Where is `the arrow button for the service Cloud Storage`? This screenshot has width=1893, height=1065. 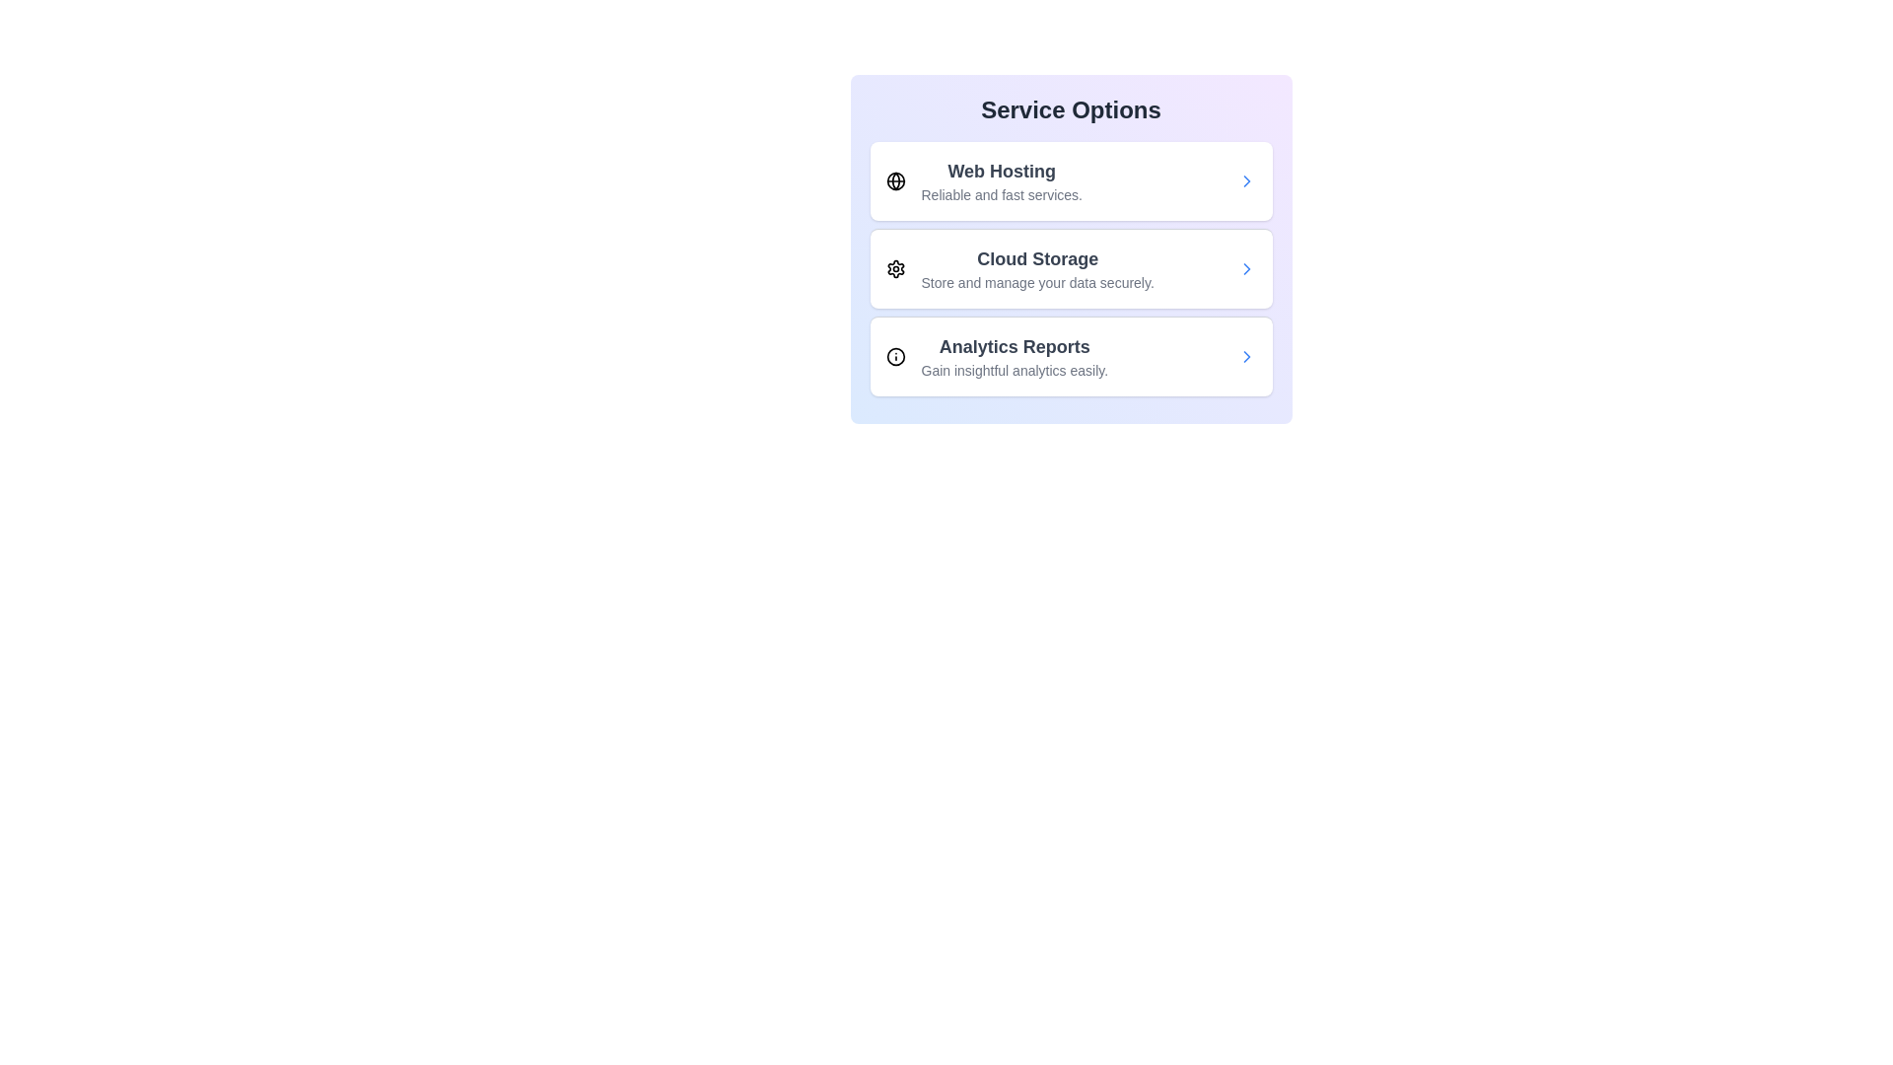 the arrow button for the service Cloud Storage is located at coordinates (1245, 269).